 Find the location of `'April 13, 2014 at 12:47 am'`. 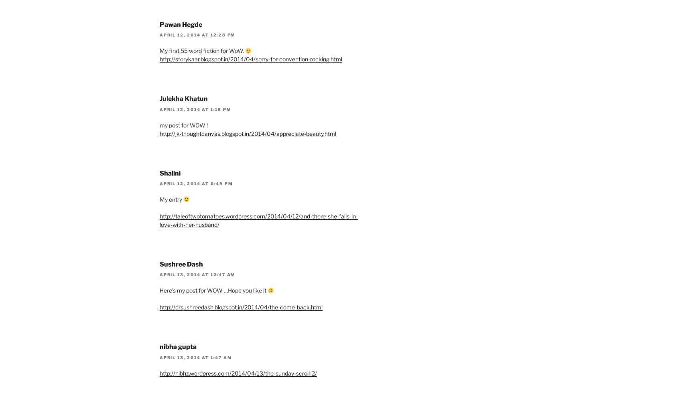

'April 13, 2014 at 12:47 am' is located at coordinates (197, 274).